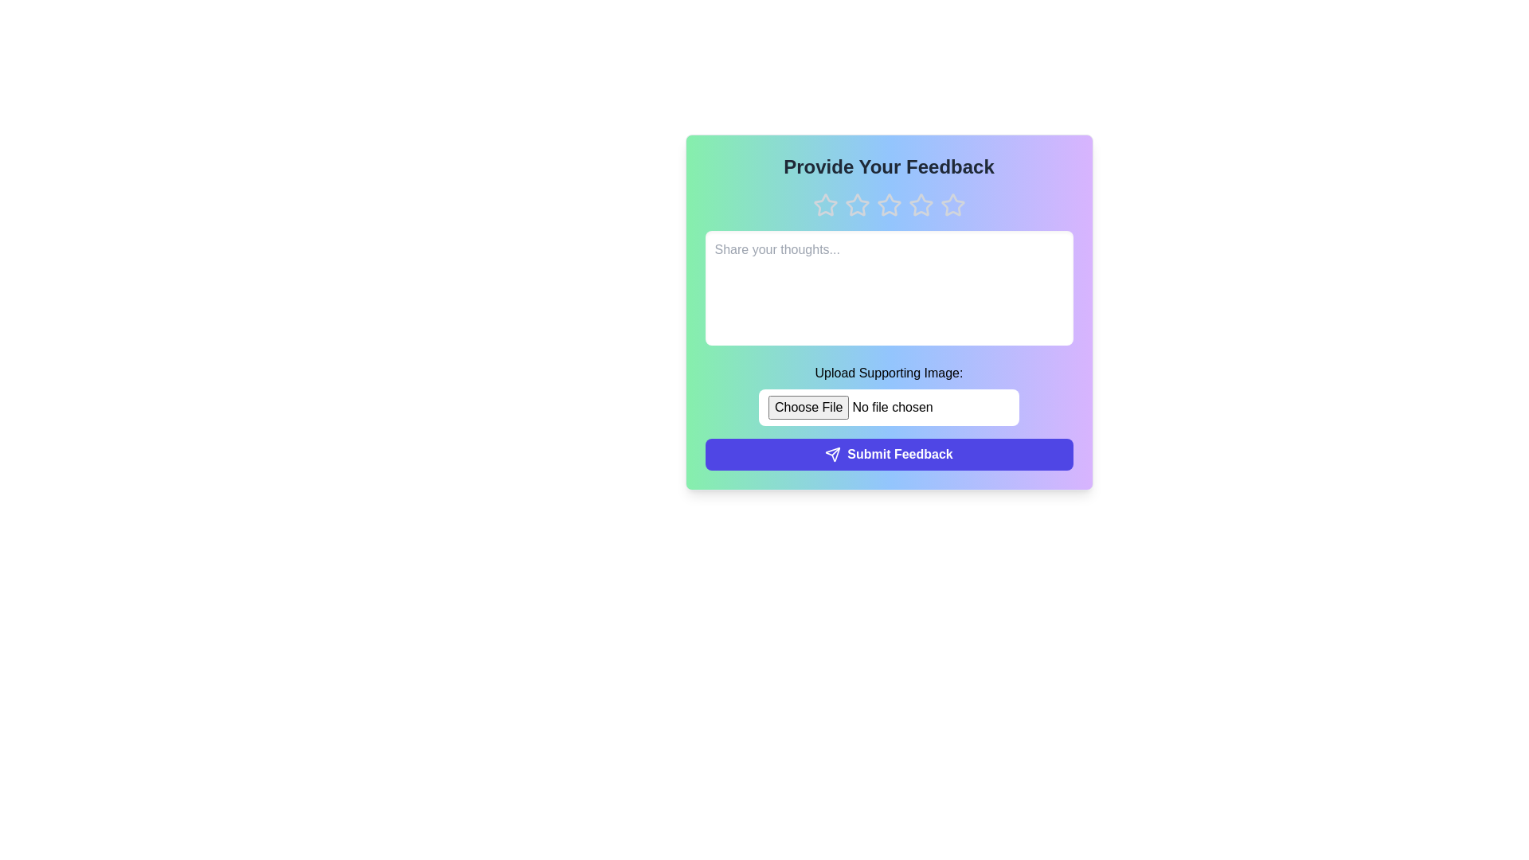  Describe the element at coordinates (952, 205) in the screenshot. I see `the fifth star icon in the 'Provide Your Feedback' section` at that location.